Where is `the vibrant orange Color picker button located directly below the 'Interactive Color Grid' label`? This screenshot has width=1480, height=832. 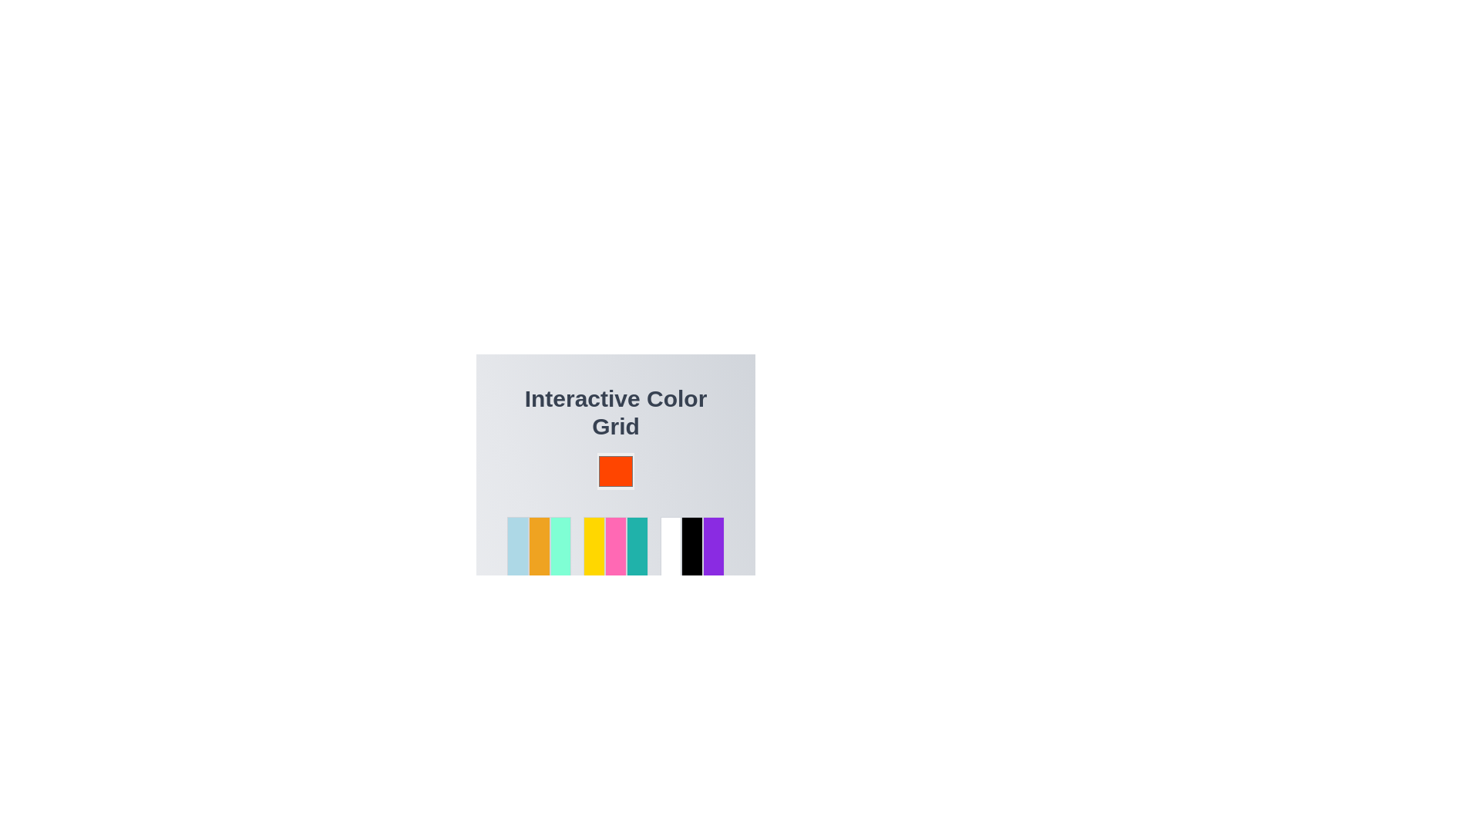 the vibrant orange Color picker button located directly below the 'Interactive Color Grid' label is located at coordinates (614, 454).